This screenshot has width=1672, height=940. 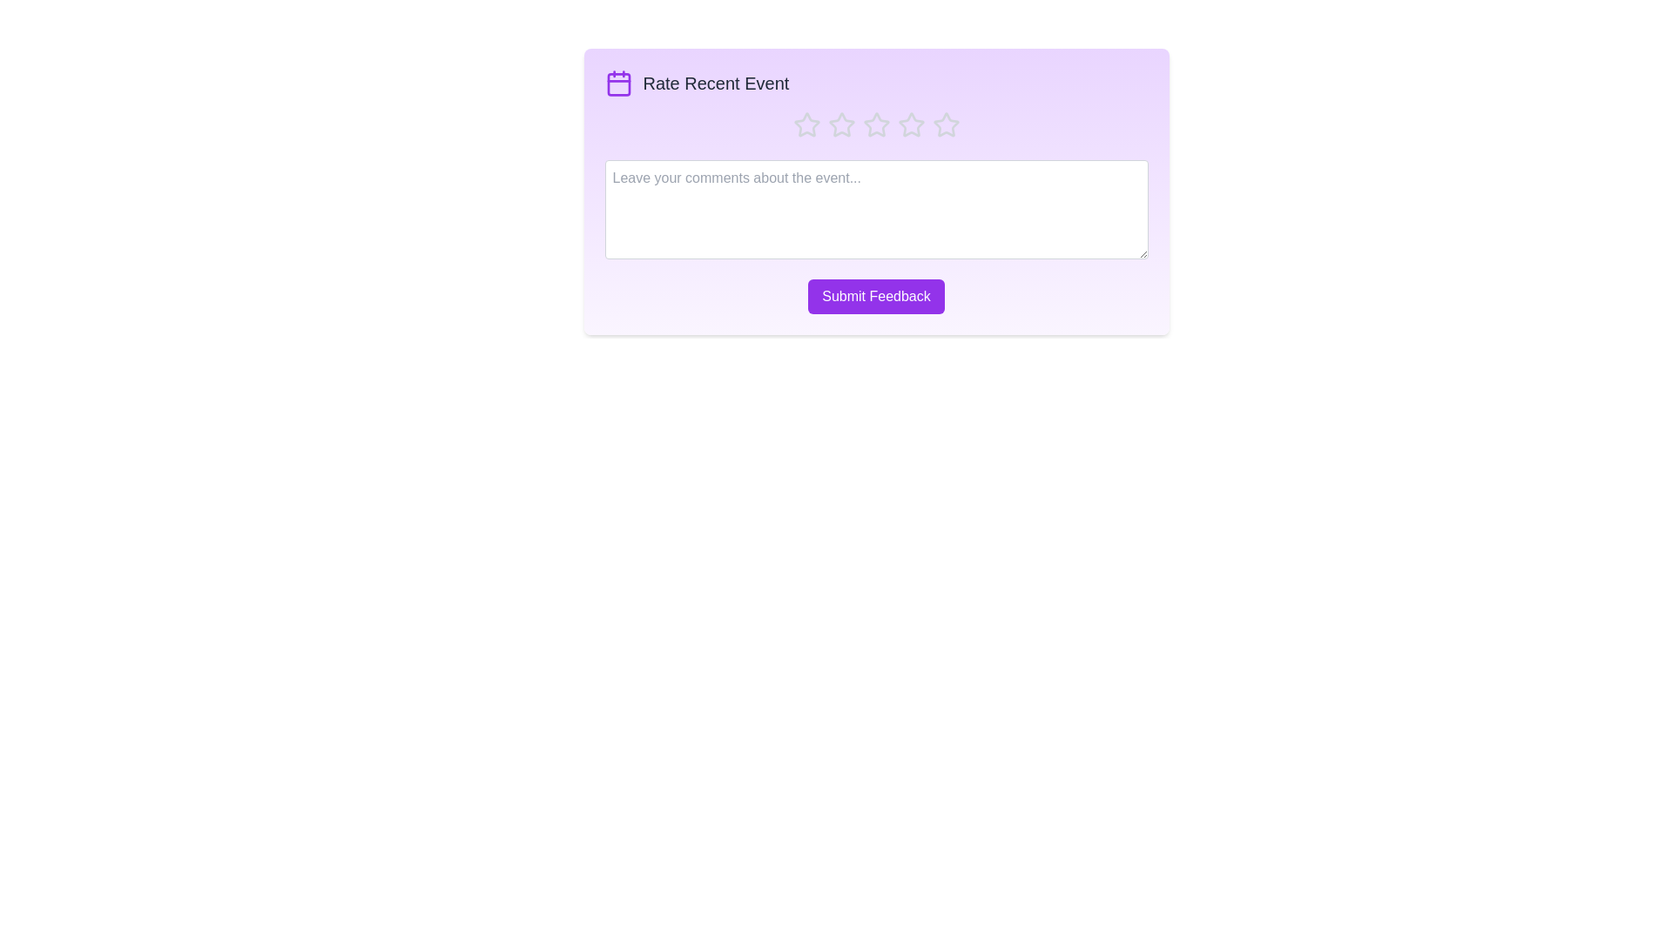 I want to click on the background area of the component, so click(x=435, y=87).